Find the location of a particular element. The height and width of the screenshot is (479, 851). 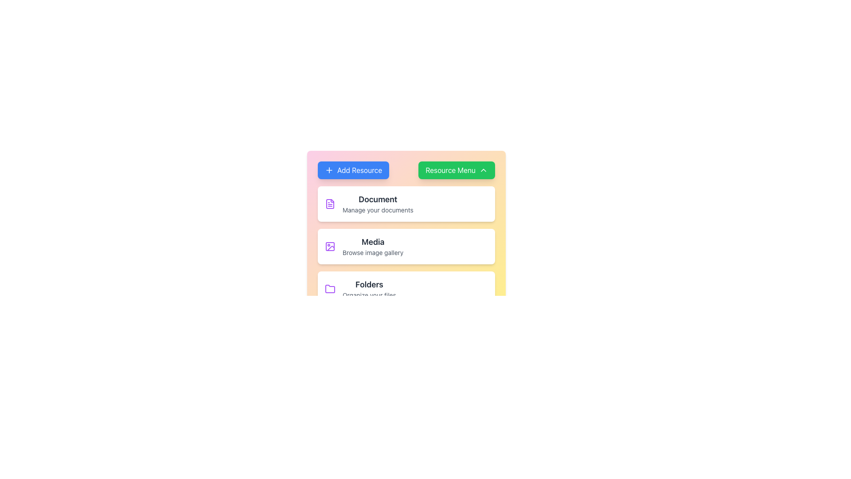

the 'Add Resource' button icon, which visually indicates the action of adding a new resource, positioned at the top-left corner of the interface is located at coordinates (329, 170).